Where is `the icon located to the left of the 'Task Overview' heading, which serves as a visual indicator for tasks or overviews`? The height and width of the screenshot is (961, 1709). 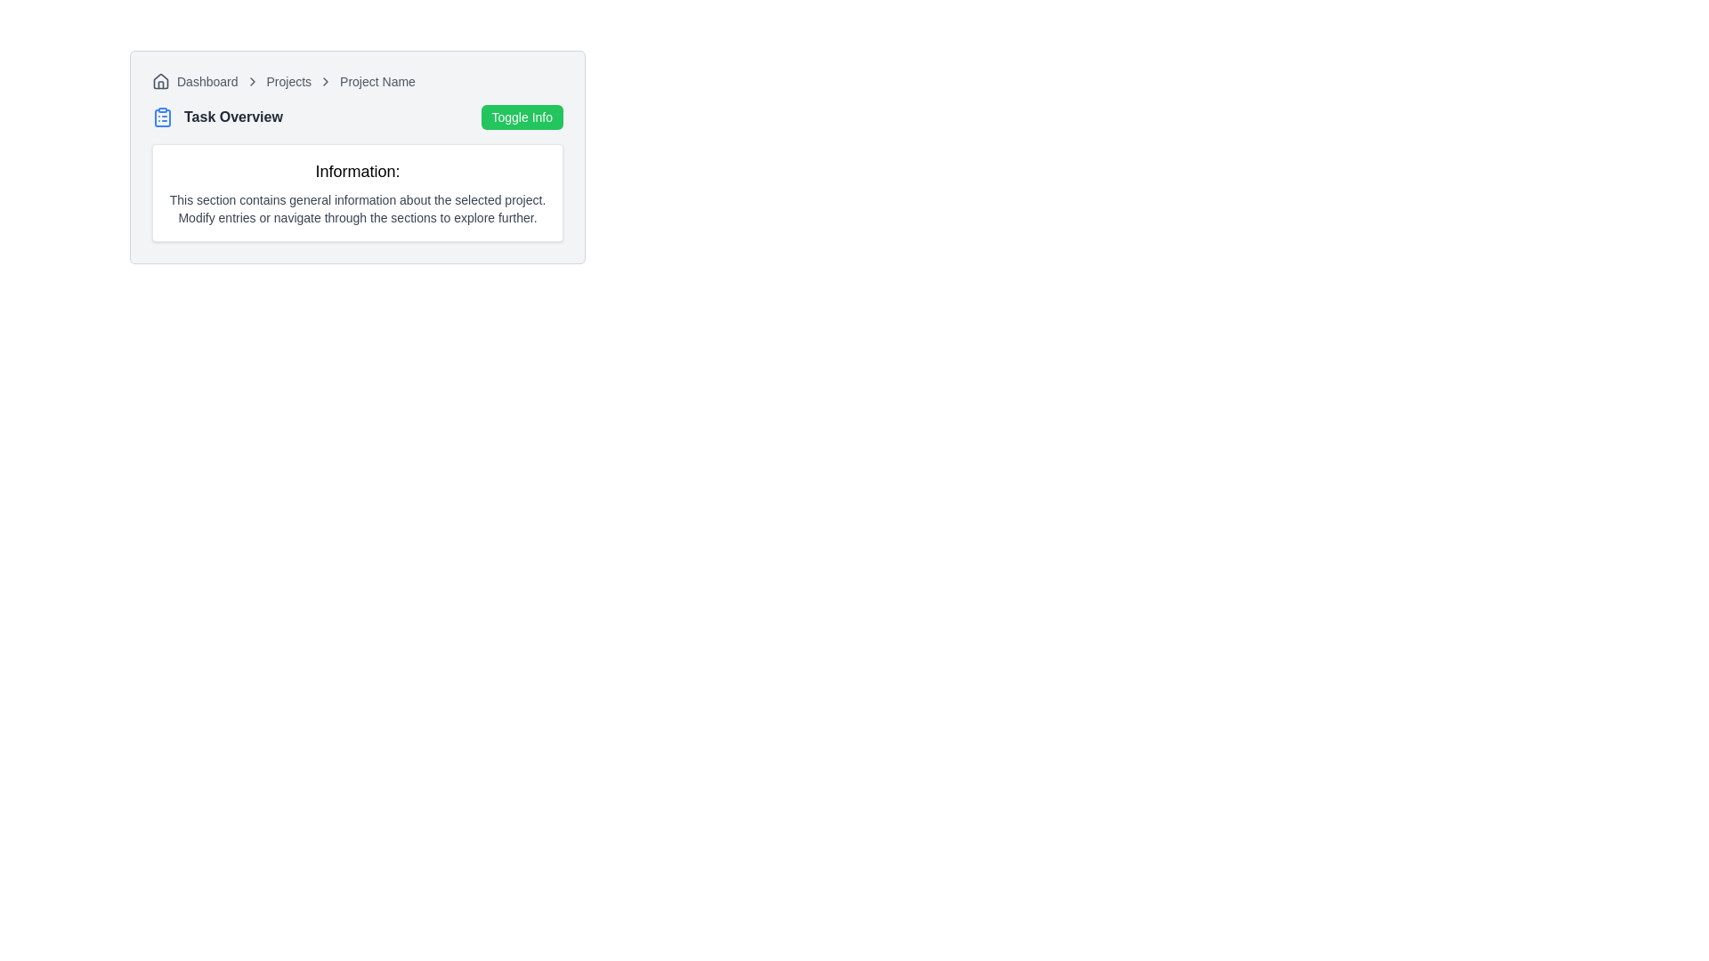
the icon located to the left of the 'Task Overview' heading, which serves as a visual indicator for tasks or overviews is located at coordinates (162, 117).